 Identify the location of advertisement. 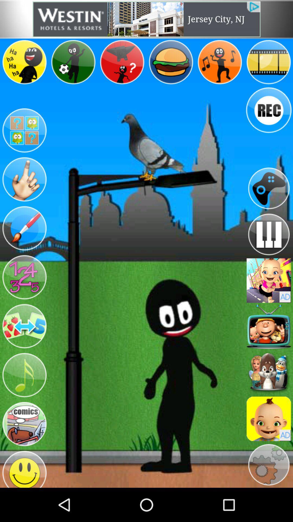
(269, 418).